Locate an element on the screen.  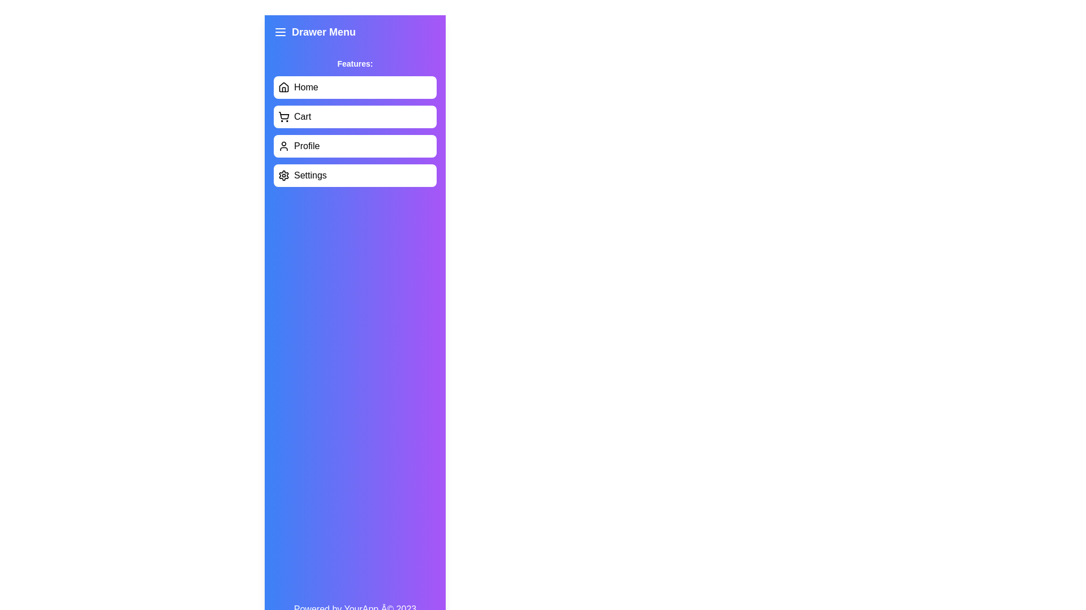
the 'Settings' text label in the menu is located at coordinates (310, 176).